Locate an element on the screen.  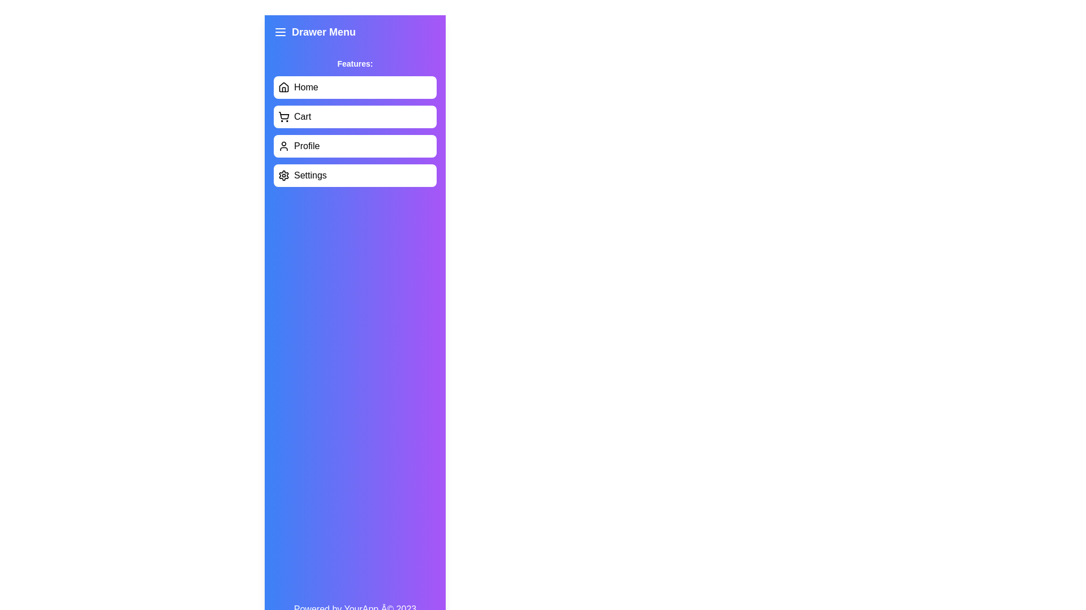
the 'Settings' text label in the menu is located at coordinates (310, 176).